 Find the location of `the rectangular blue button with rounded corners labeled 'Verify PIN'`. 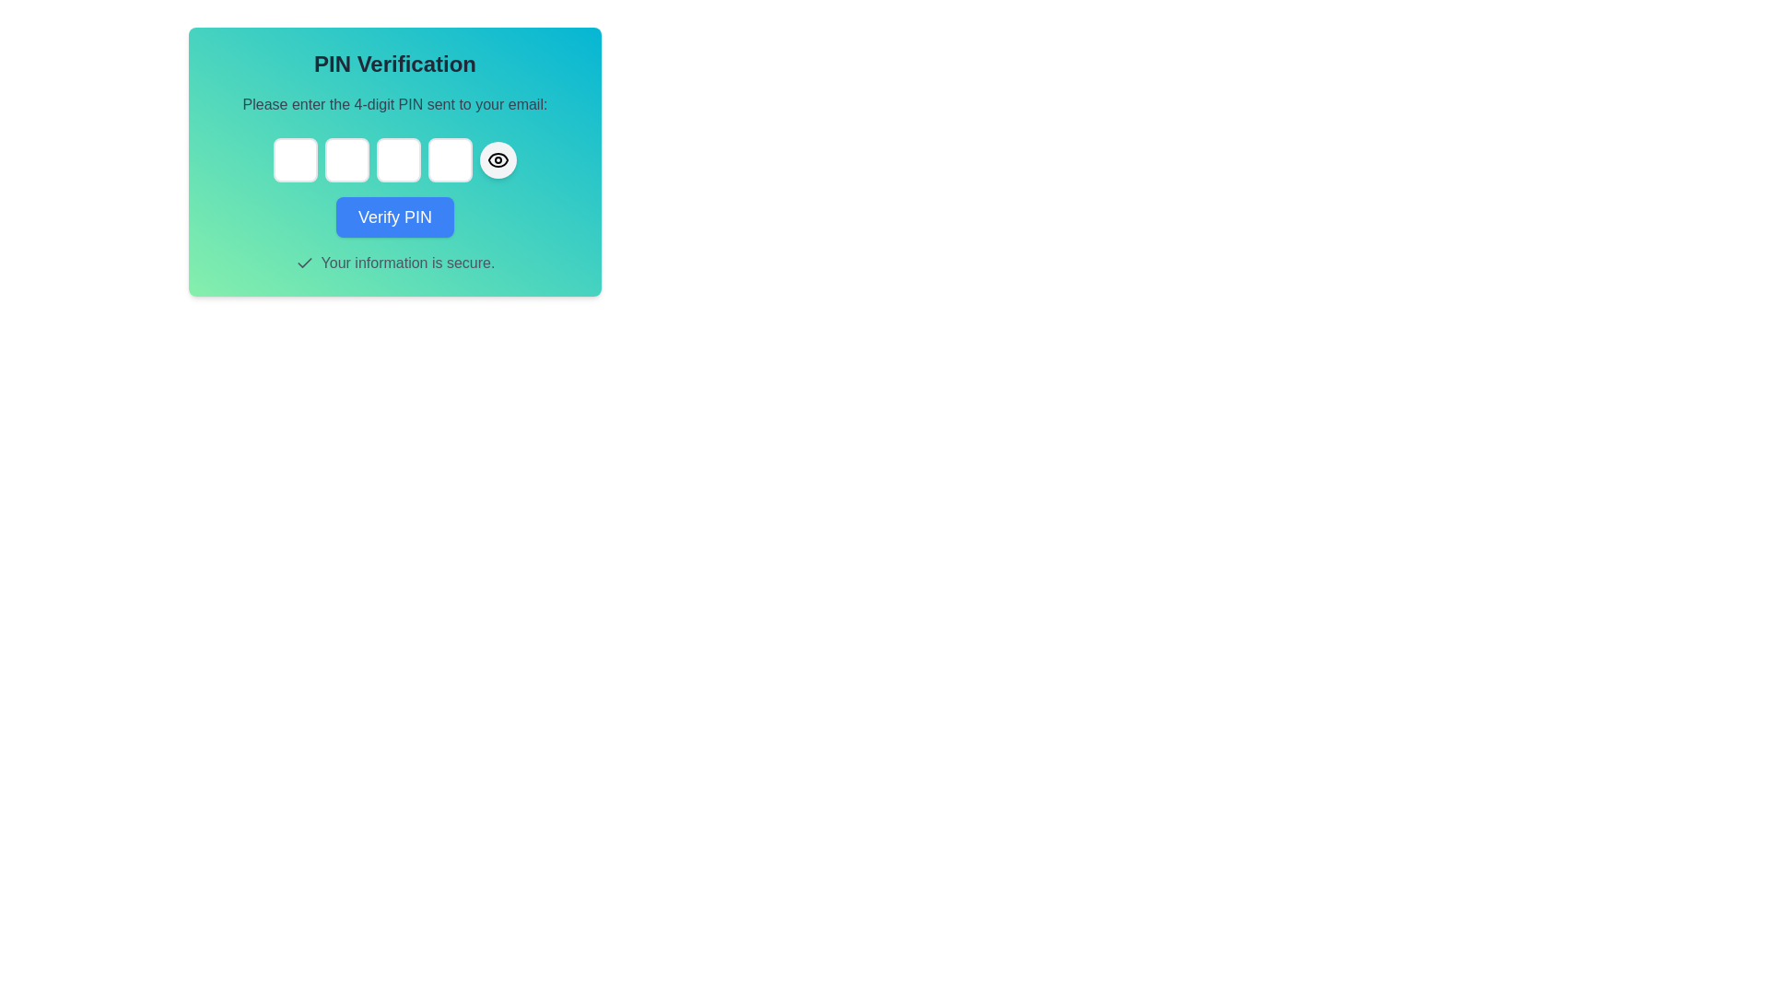

the rectangular blue button with rounded corners labeled 'Verify PIN' is located at coordinates (393, 216).